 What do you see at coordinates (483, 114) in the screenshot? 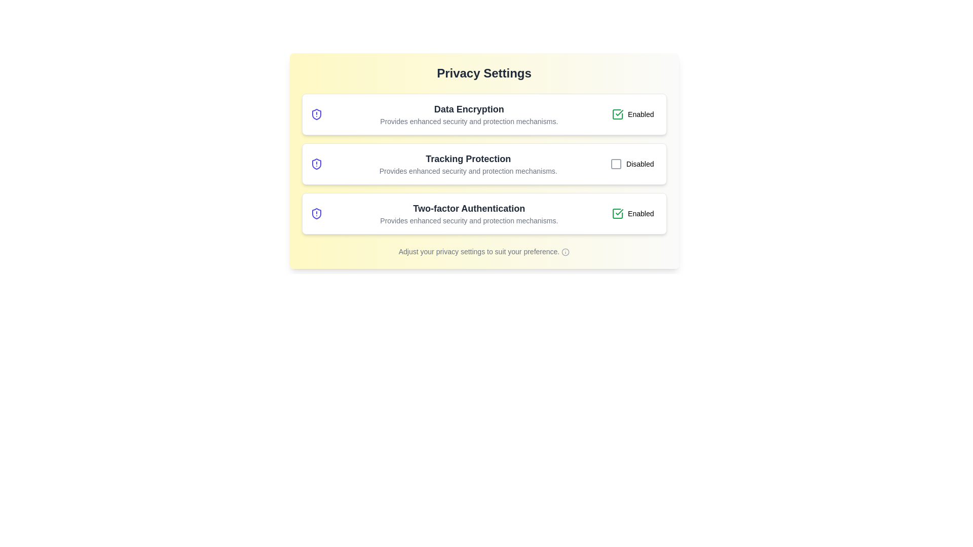
I see `the 'Data Encryption' setting option in the 'Privacy Settings' section` at bounding box center [483, 114].